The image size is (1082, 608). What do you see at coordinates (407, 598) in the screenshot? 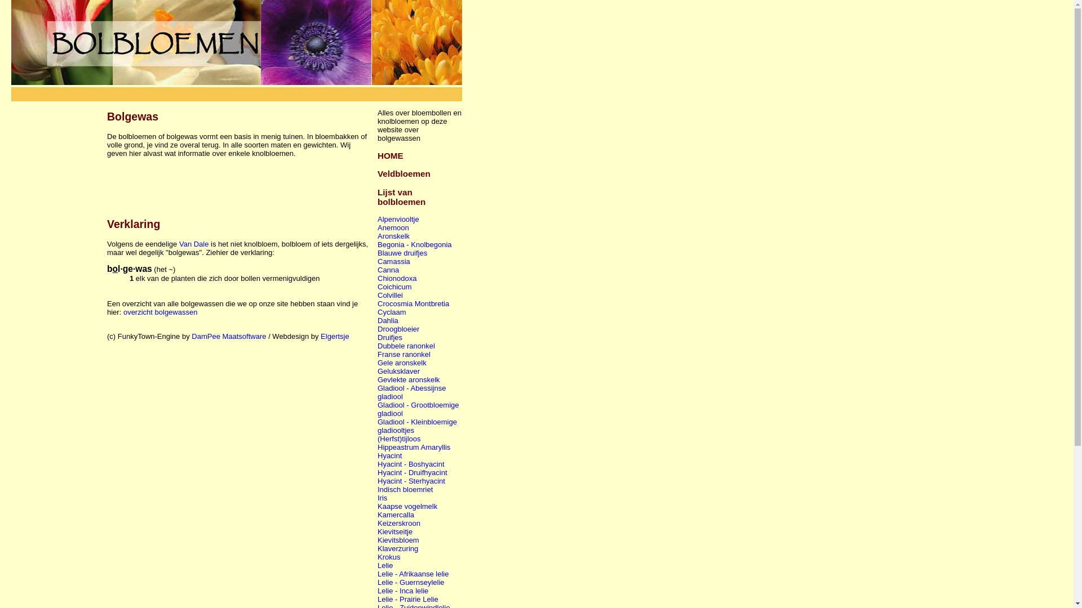
I see `'Lelie - Prairie Lelie'` at bounding box center [407, 598].